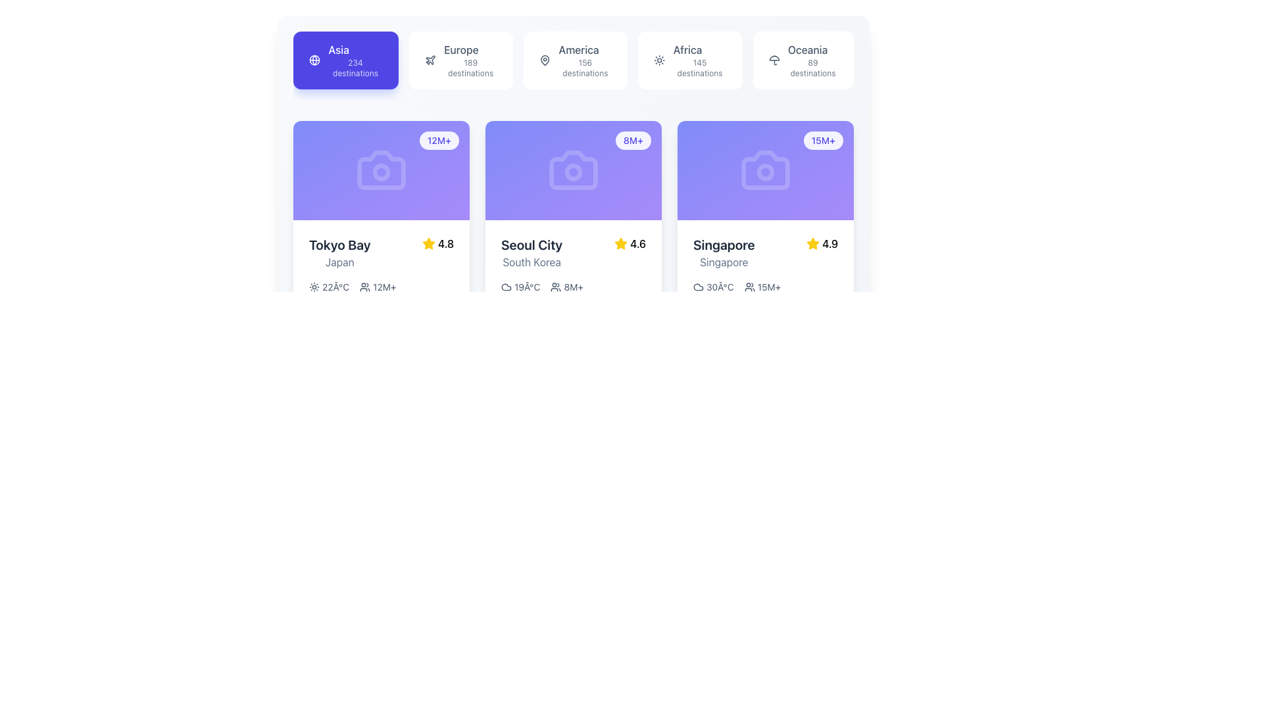 This screenshot has width=1263, height=710. I want to click on the text display showing '4.6' that is part of the rating section for 'Seoul City, South Korea', located next to a yellow star icon, so click(637, 243).